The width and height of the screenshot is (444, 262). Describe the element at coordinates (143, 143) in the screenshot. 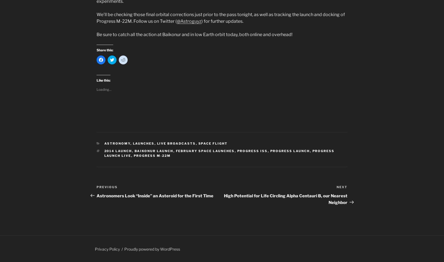

I see `'Launches'` at that location.